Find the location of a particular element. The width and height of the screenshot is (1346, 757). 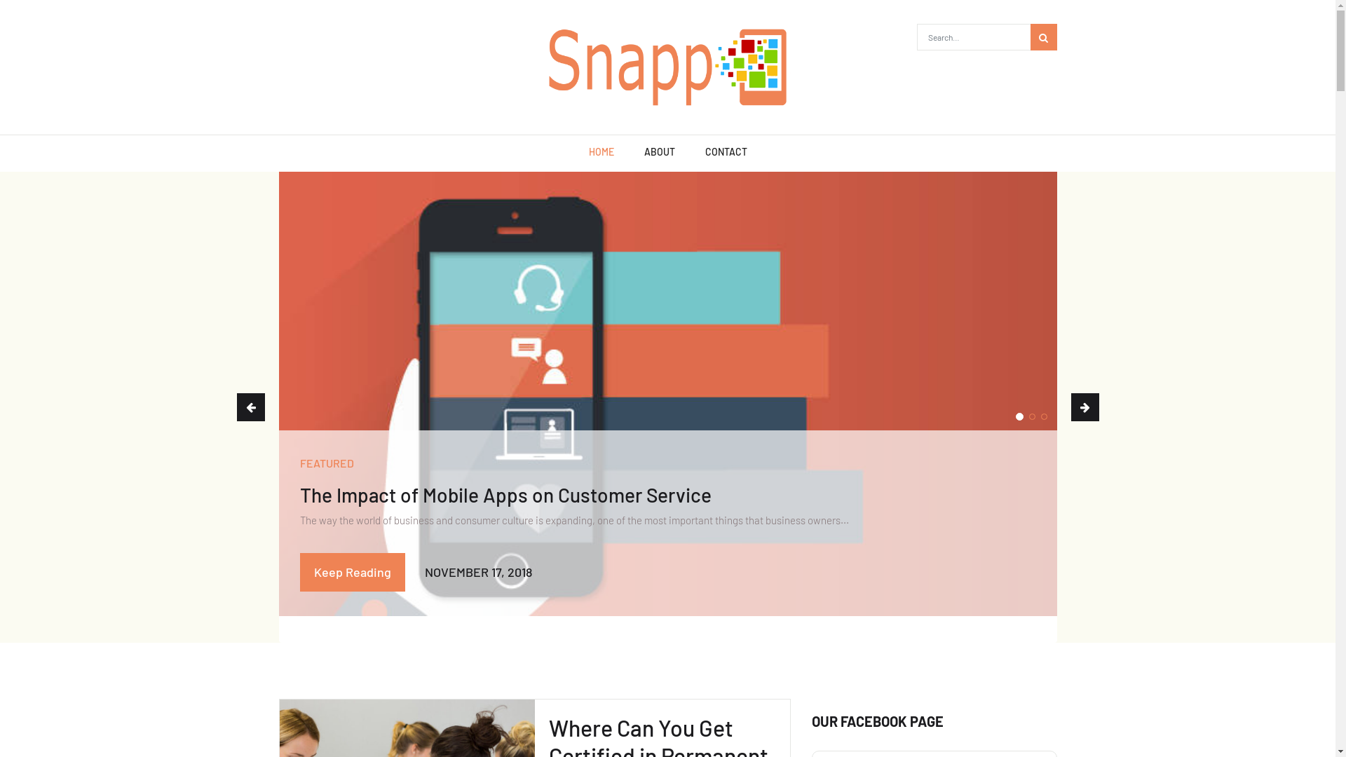

'FEATURED' is located at coordinates (326, 463).